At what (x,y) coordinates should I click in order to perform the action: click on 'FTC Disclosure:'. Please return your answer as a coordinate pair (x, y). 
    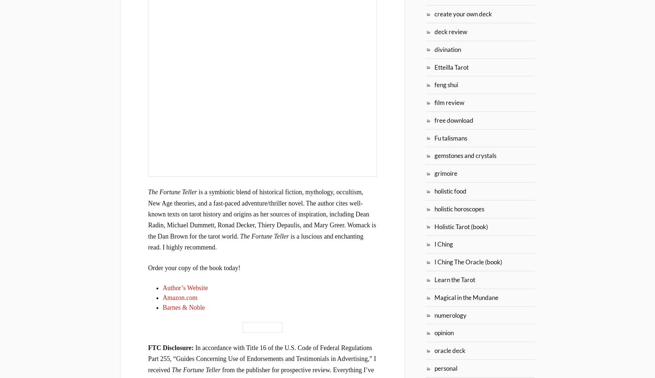
    Looking at the image, I should click on (171, 347).